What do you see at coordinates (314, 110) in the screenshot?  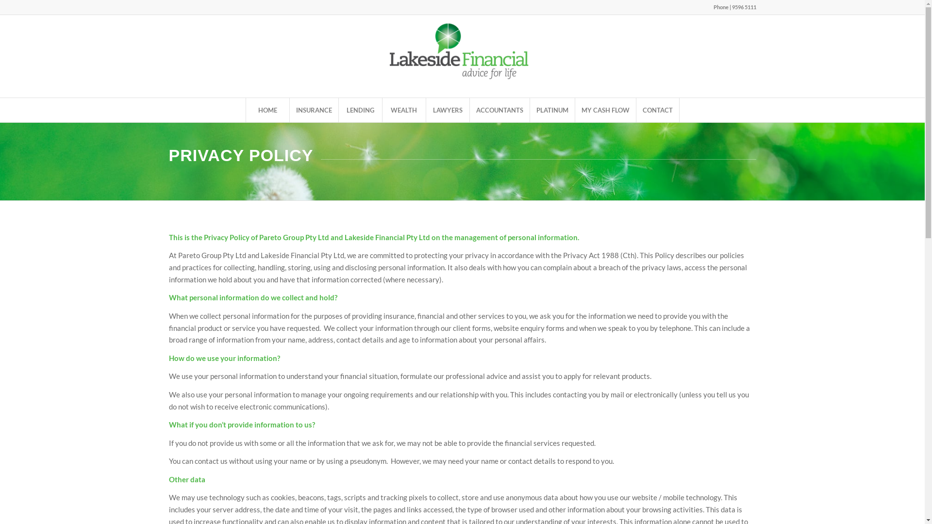 I see `'INSURANCE'` at bounding box center [314, 110].